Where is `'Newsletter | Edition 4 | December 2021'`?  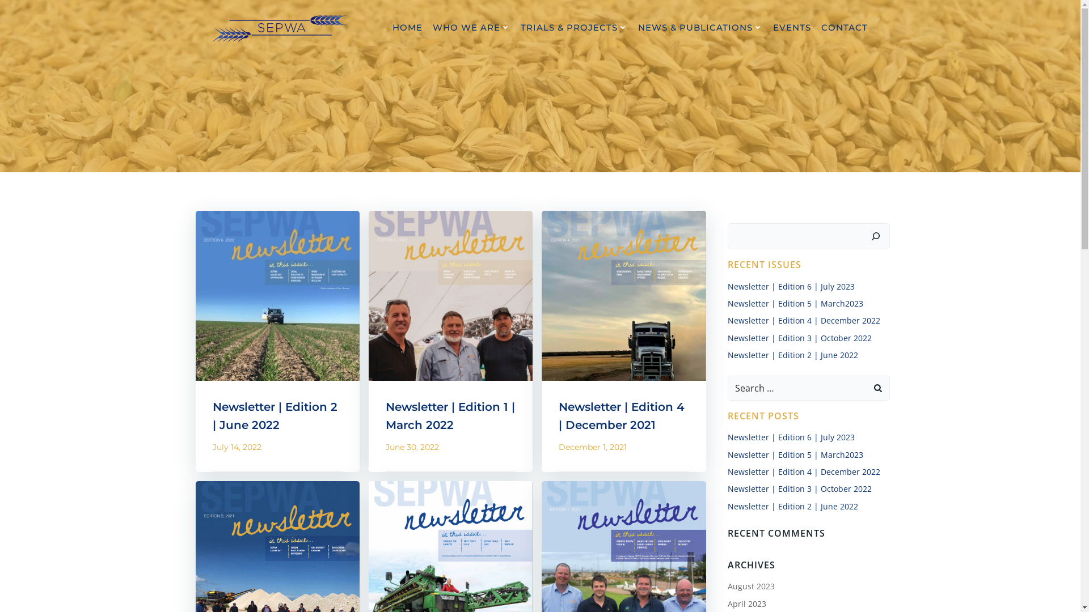
'Newsletter | Edition 4 | December 2021' is located at coordinates (623, 415).